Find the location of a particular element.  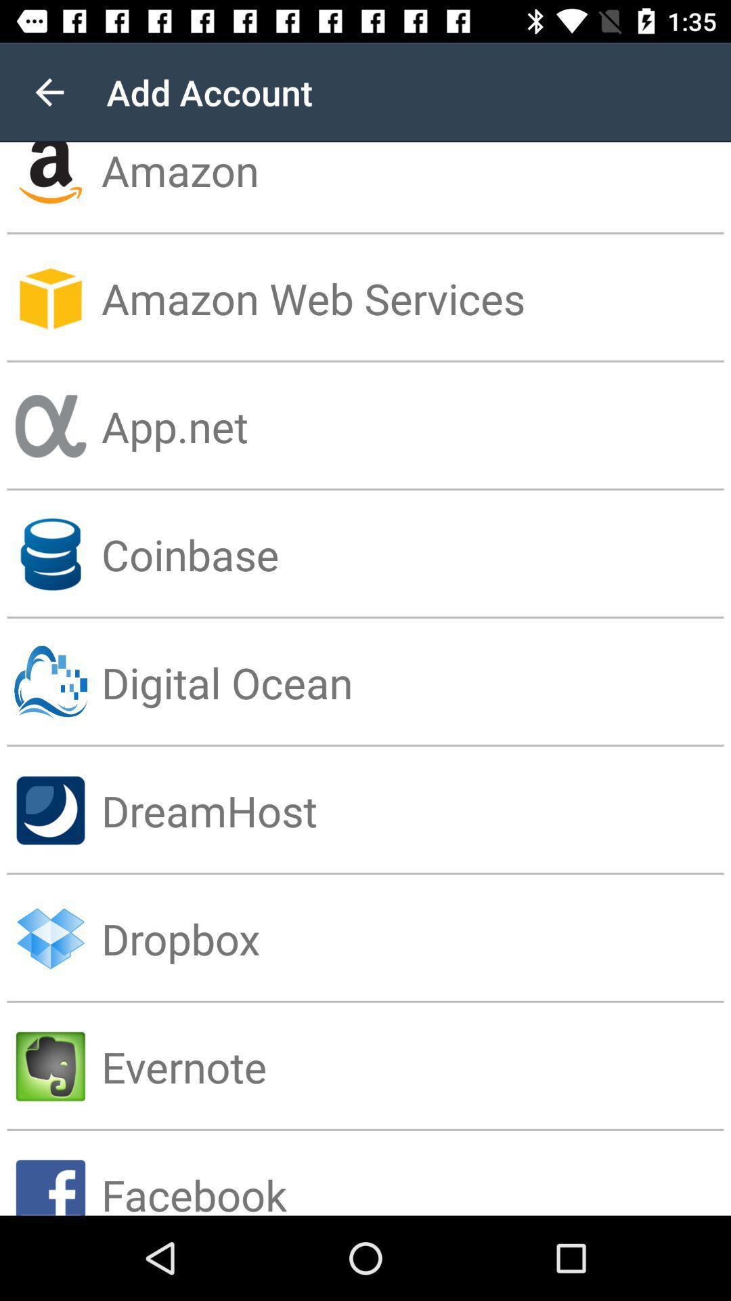

app above app.net is located at coordinates (415, 297).